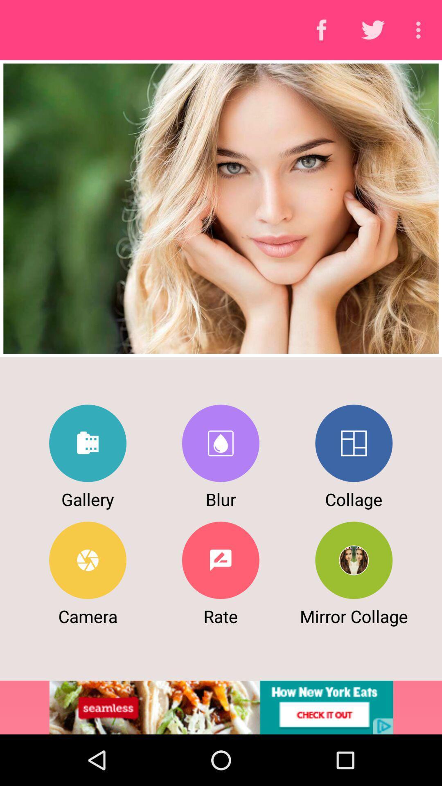  What do you see at coordinates (88, 443) in the screenshot?
I see `to go gallery` at bounding box center [88, 443].